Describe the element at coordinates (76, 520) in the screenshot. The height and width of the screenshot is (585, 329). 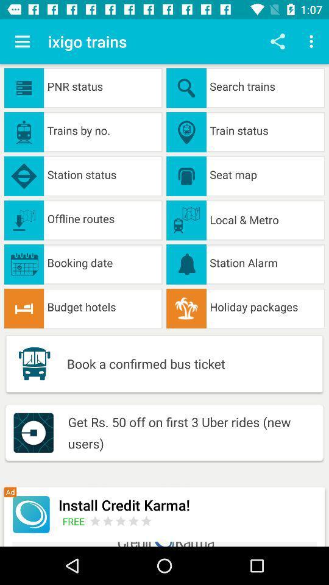
I see `free` at that location.